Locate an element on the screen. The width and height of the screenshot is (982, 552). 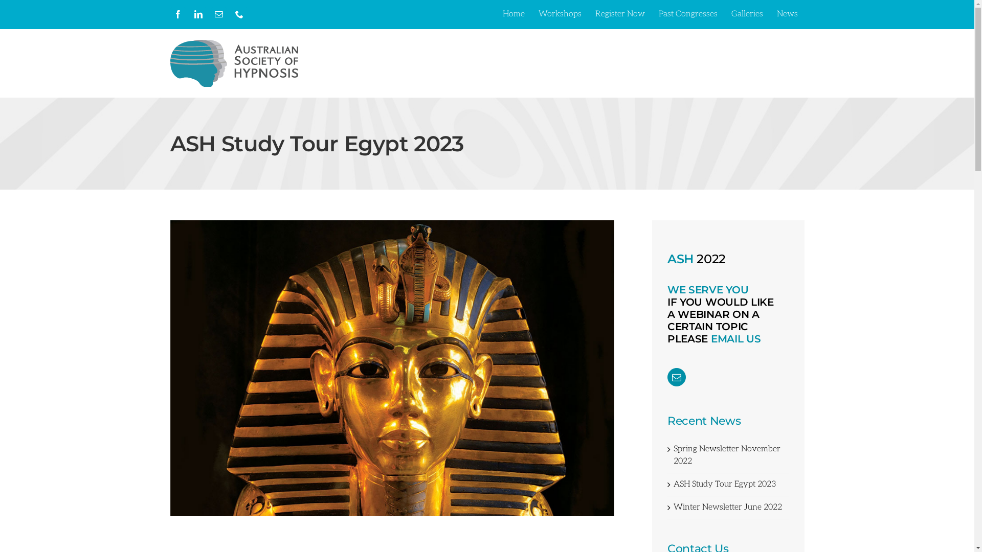
'News' is located at coordinates (770, 14).